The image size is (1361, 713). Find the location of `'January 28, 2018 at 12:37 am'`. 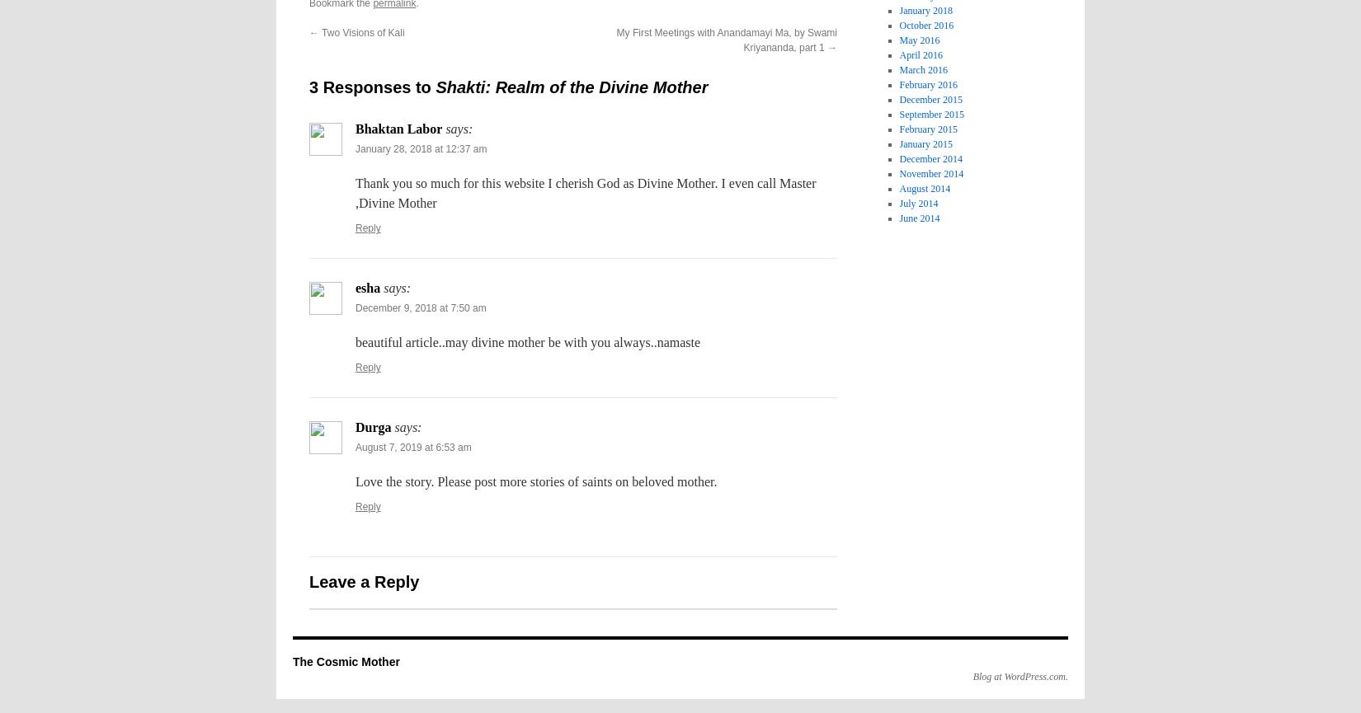

'January 28, 2018 at 12:37 am' is located at coordinates (420, 148).